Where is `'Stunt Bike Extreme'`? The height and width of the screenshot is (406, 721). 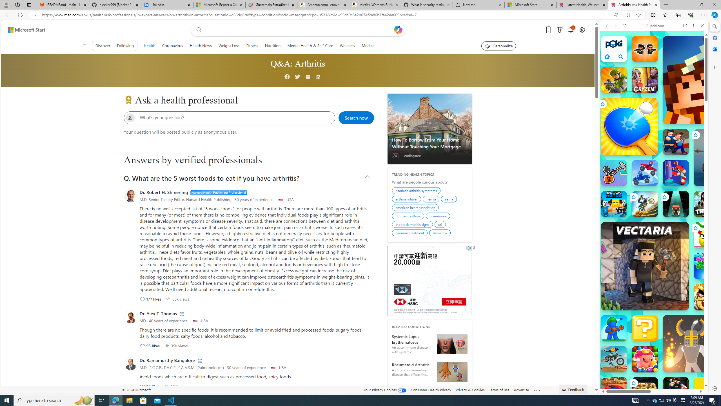 'Stunt Bike Extreme' is located at coordinates (644, 204).